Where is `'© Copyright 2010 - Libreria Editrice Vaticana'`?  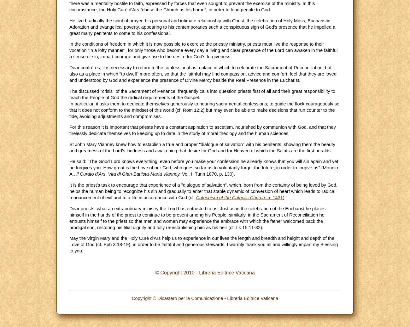 '© Copyright 2010 - Libreria Editrice Vaticana' is located at coordinates (155, 272).